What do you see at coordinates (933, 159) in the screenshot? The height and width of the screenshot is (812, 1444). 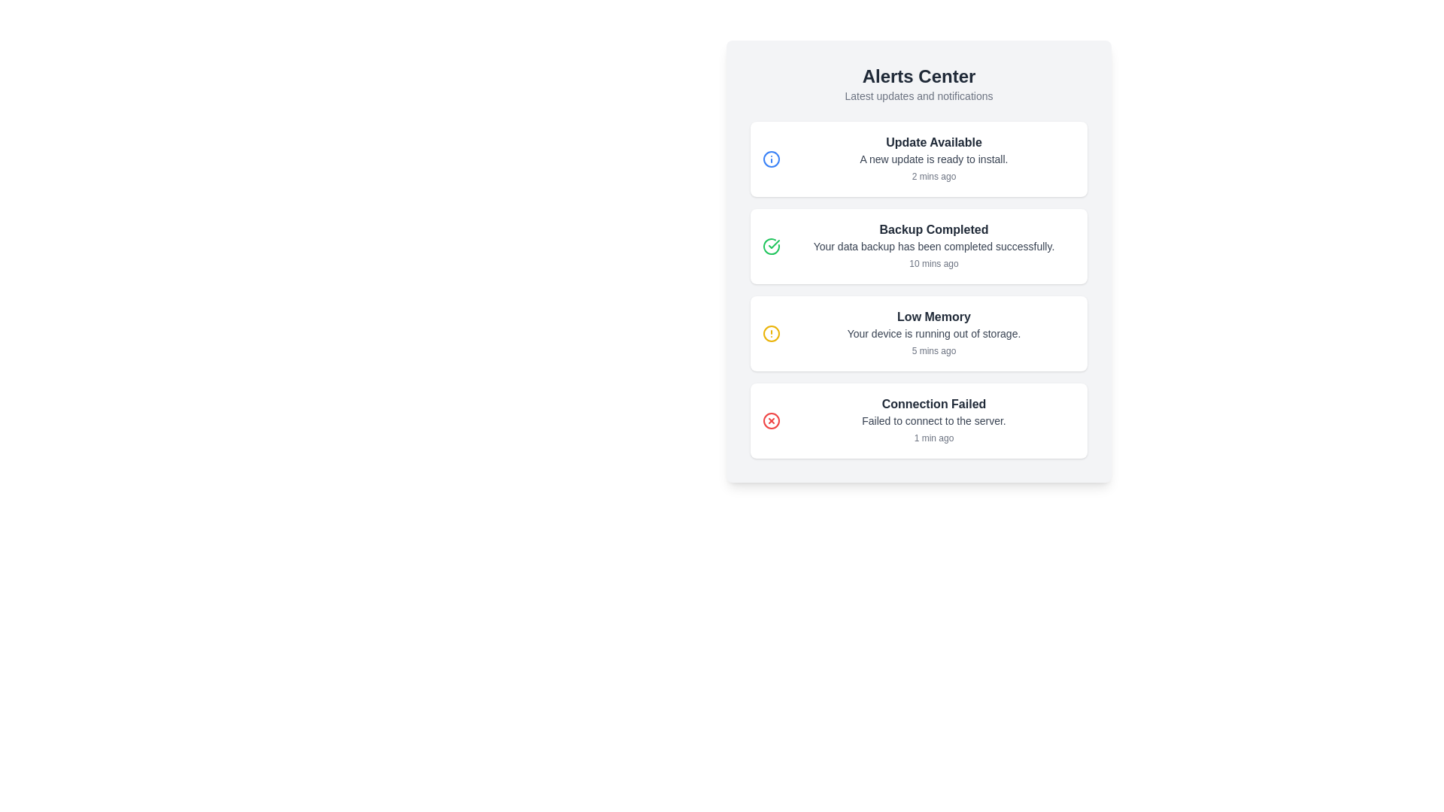 I see `the Notification card that informs the user about a new update, located at the top of the notification list under 'Alerts Center'` at bounding box center [933, 159].